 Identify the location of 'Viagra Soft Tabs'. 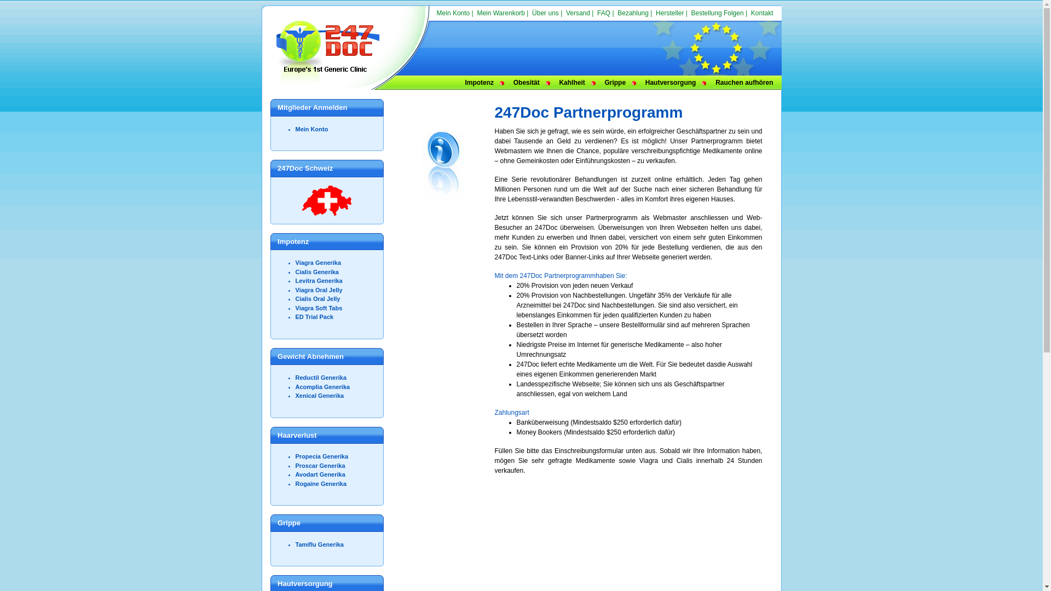
(318, 308).